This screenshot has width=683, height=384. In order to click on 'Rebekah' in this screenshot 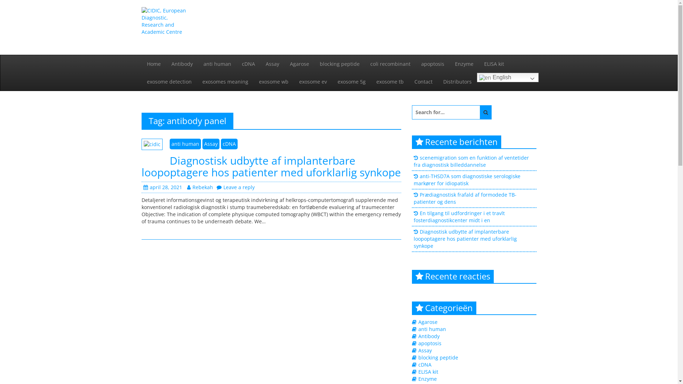, I will do `click(200, 187)`.